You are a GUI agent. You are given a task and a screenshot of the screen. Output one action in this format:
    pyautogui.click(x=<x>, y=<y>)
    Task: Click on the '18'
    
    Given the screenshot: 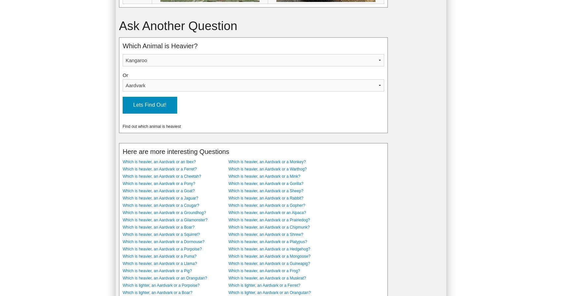 What is the action you would take?
    pyautogui.click(x=124, y=63)
    